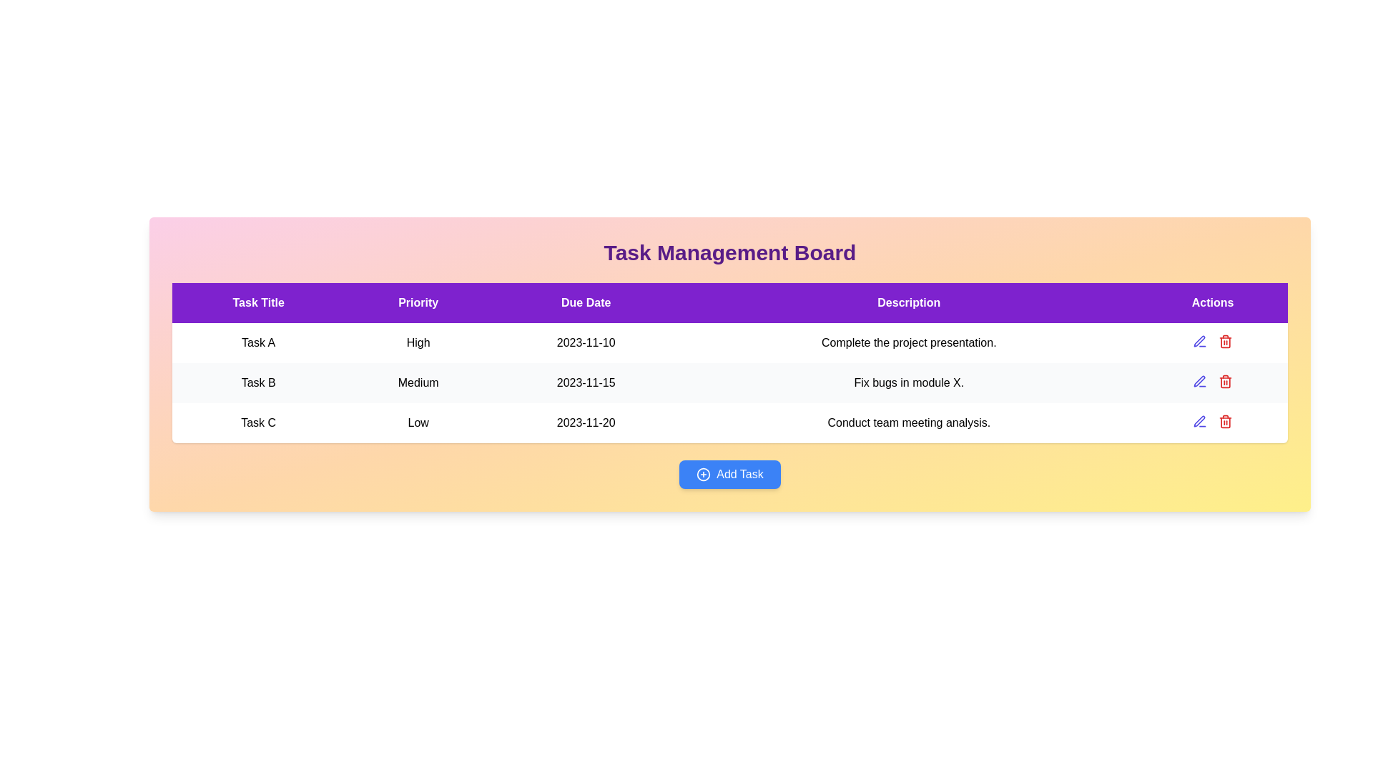 The image size is (1373, 772). I want to click on the text label 'Low' located in the second column of the last row of the table, which has a plain black text on a white background, so click(418, 422).